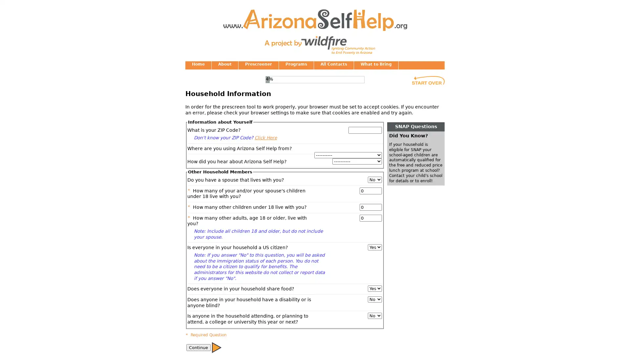 Image resolution: width=630 pixels, height=354 pixels. I want to click on Continue, so click(198, 347).